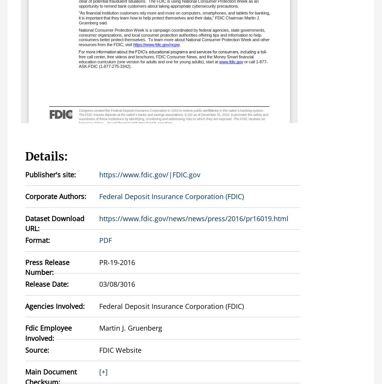 The width and height of the screenshot is (382, 384). I want to click on 'Release Date:', so click(47, 283).